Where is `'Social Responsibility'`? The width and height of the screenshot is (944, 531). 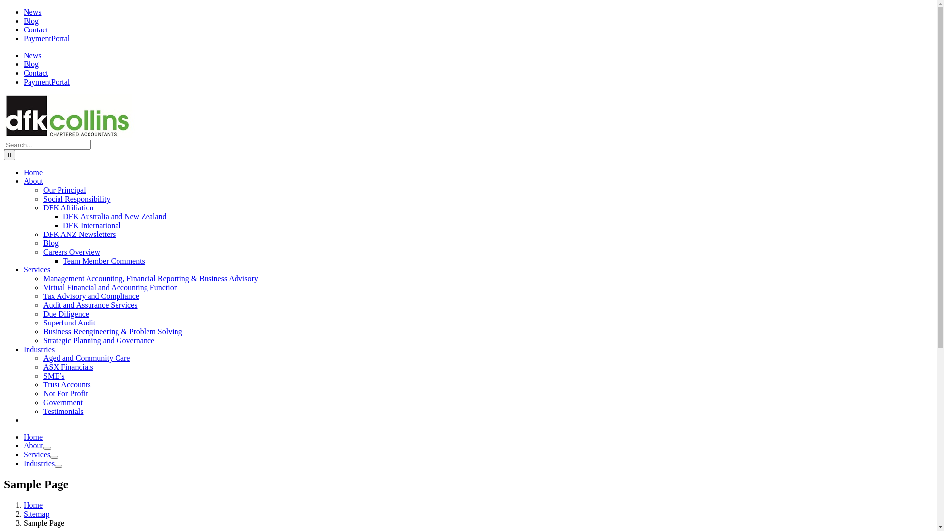
'Social Responsibility' is located at coordinates (76, 199).